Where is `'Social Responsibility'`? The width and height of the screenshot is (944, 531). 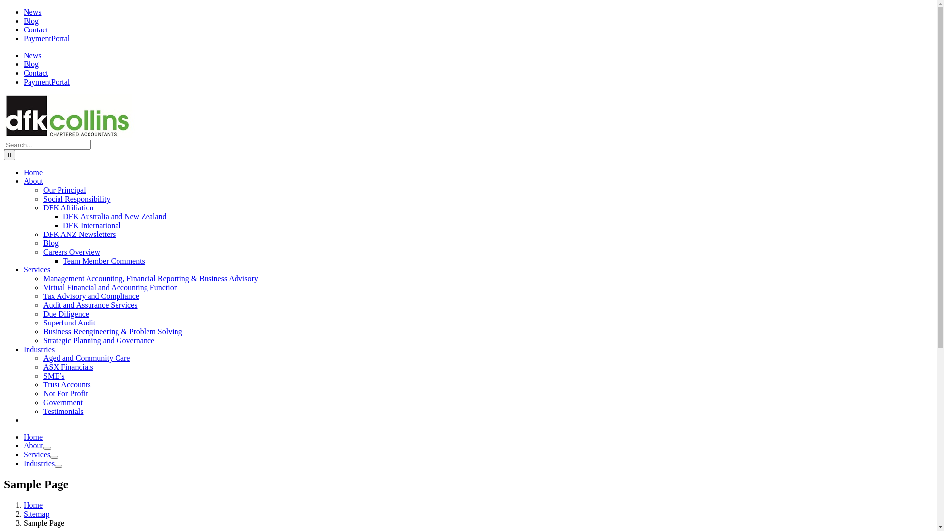
'Social Responsibility' is located at coordinates (76, 199).